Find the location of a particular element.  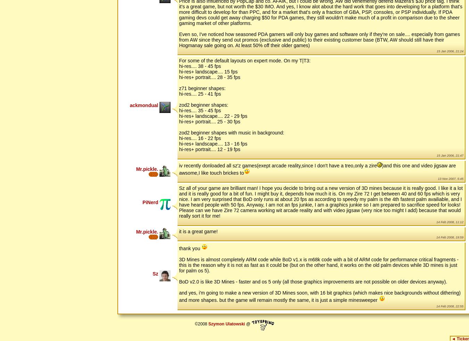

'BoD v2.0 is like 3D Mines - faster and os 5 only (all those graphics improvements are not possible on older devices anyway).' is located at coordinates (313, 281).